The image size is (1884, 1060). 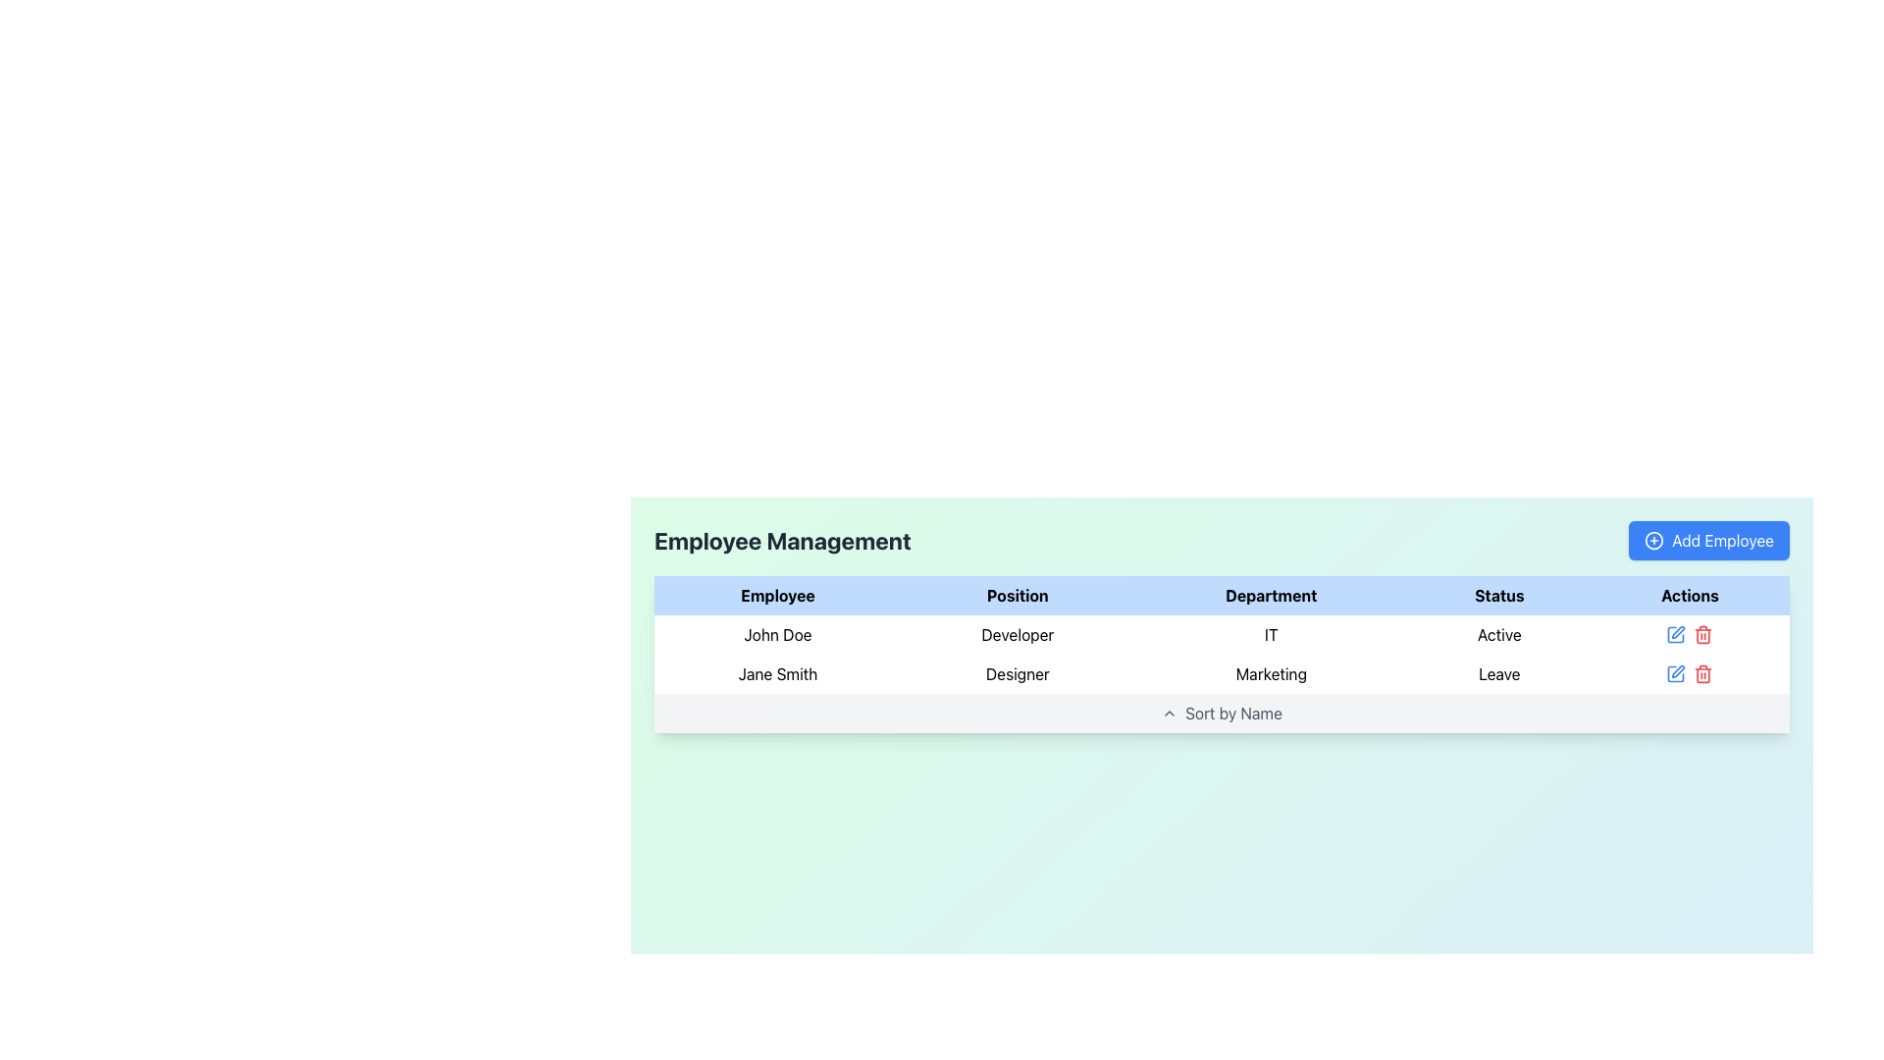 I want to click on the 'Add Employee' icon which is visually indicated to add a new employee and is located at the right of the 'Add Employee' button, so click(x=1653, y=541).